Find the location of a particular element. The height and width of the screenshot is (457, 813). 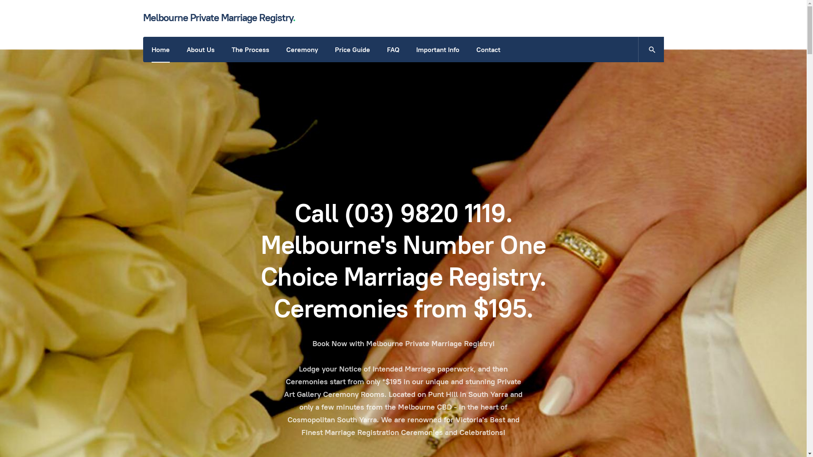

'Important Info' is located at coordinates (416, 49).